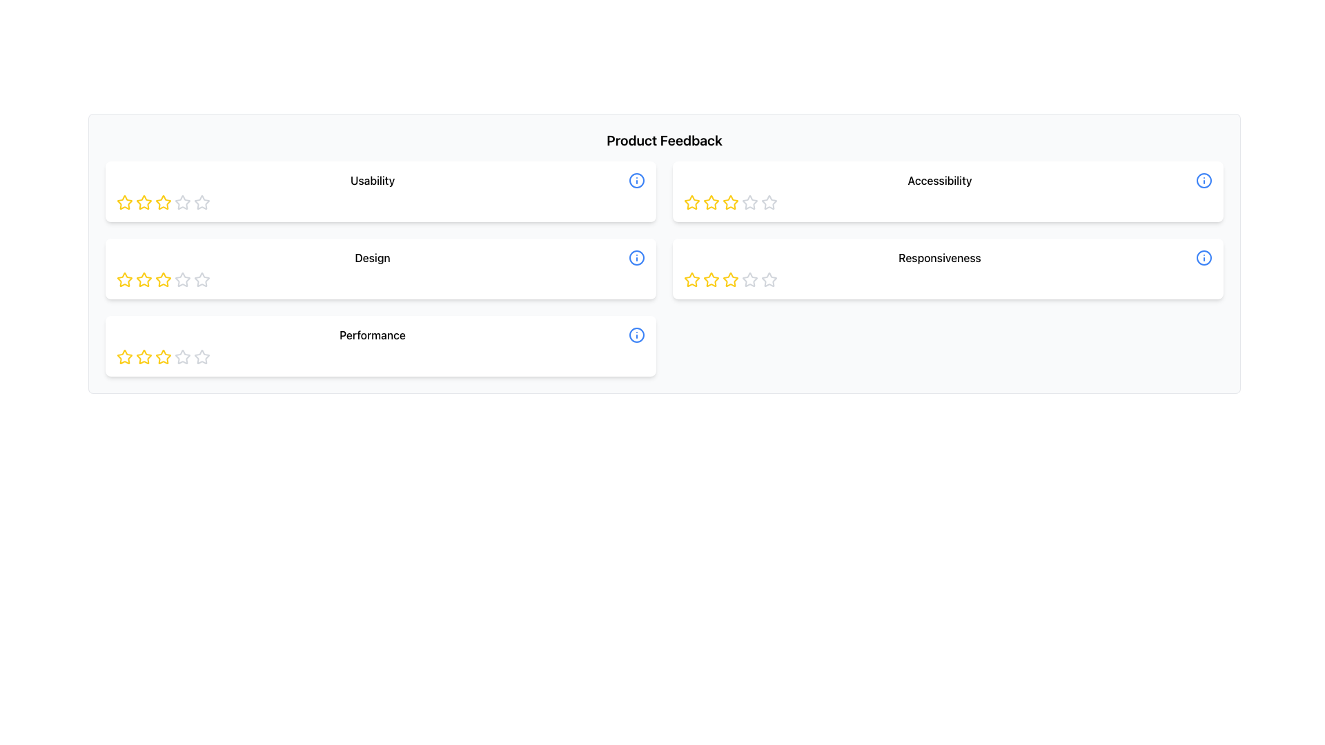 The width and height of the screenshot is (1325, 745). Describe the element at coordinates (125, 202) in the screenshot. I see `the first yellow star icon in the 'Usability' rating row to rate it` at that location.